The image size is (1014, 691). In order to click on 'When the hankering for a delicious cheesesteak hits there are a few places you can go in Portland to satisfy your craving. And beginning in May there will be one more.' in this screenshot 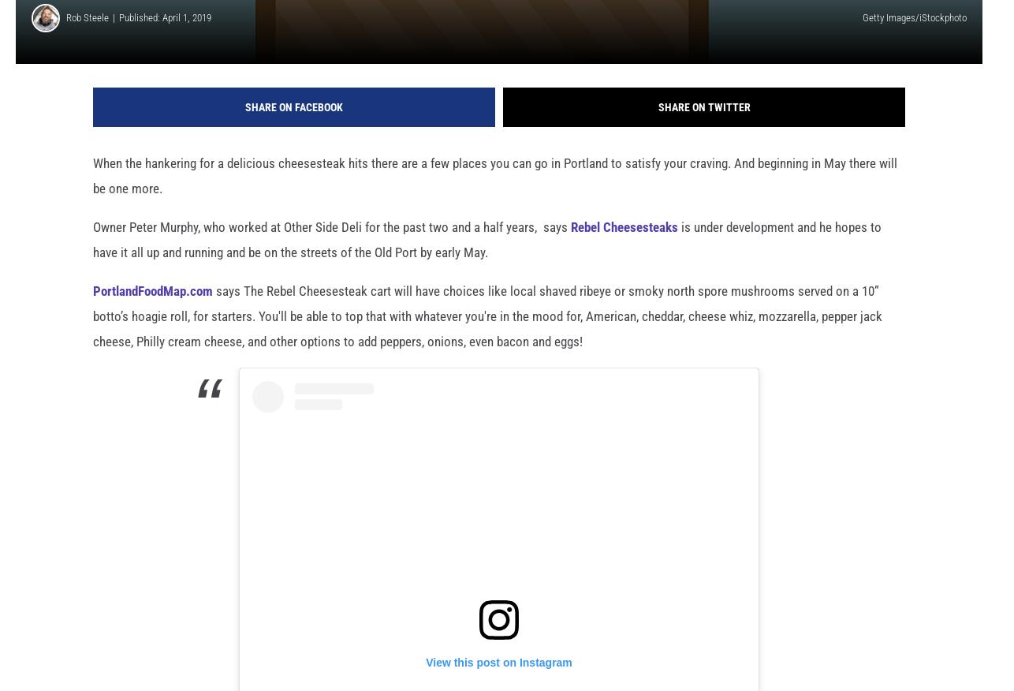, I will do `click(93, 200)`.